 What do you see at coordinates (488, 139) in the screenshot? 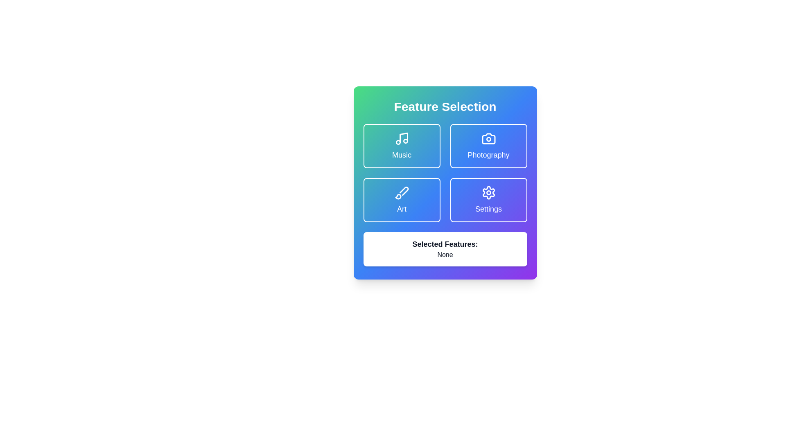
I see `the circular sub-component of the camera icon in the 'Photography' button, which symbolizes a lens in its design` at bounding box center [488, 139].